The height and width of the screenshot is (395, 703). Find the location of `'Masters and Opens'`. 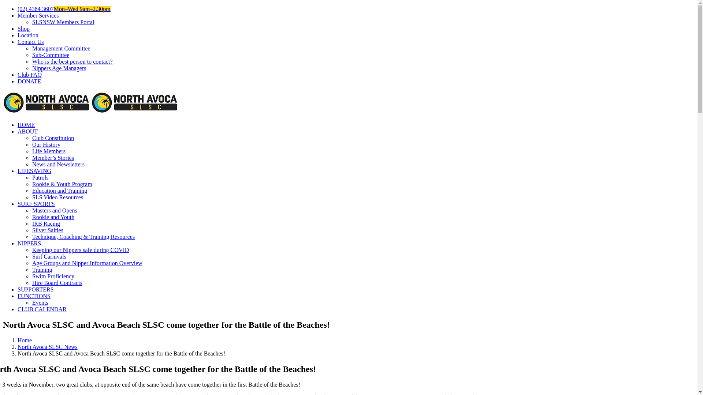

'Masters and Opens' is located at coordinates (31, 210).